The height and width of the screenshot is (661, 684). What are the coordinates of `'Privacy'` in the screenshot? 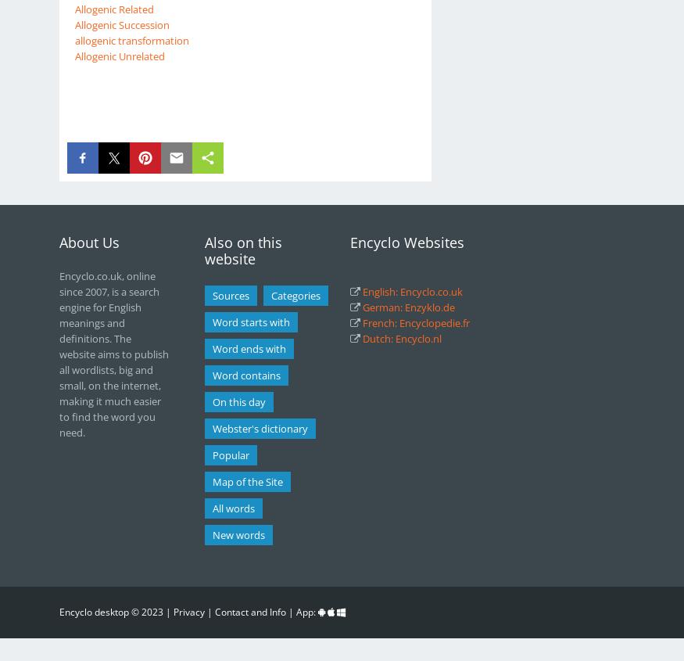 It's located at (188, 611).